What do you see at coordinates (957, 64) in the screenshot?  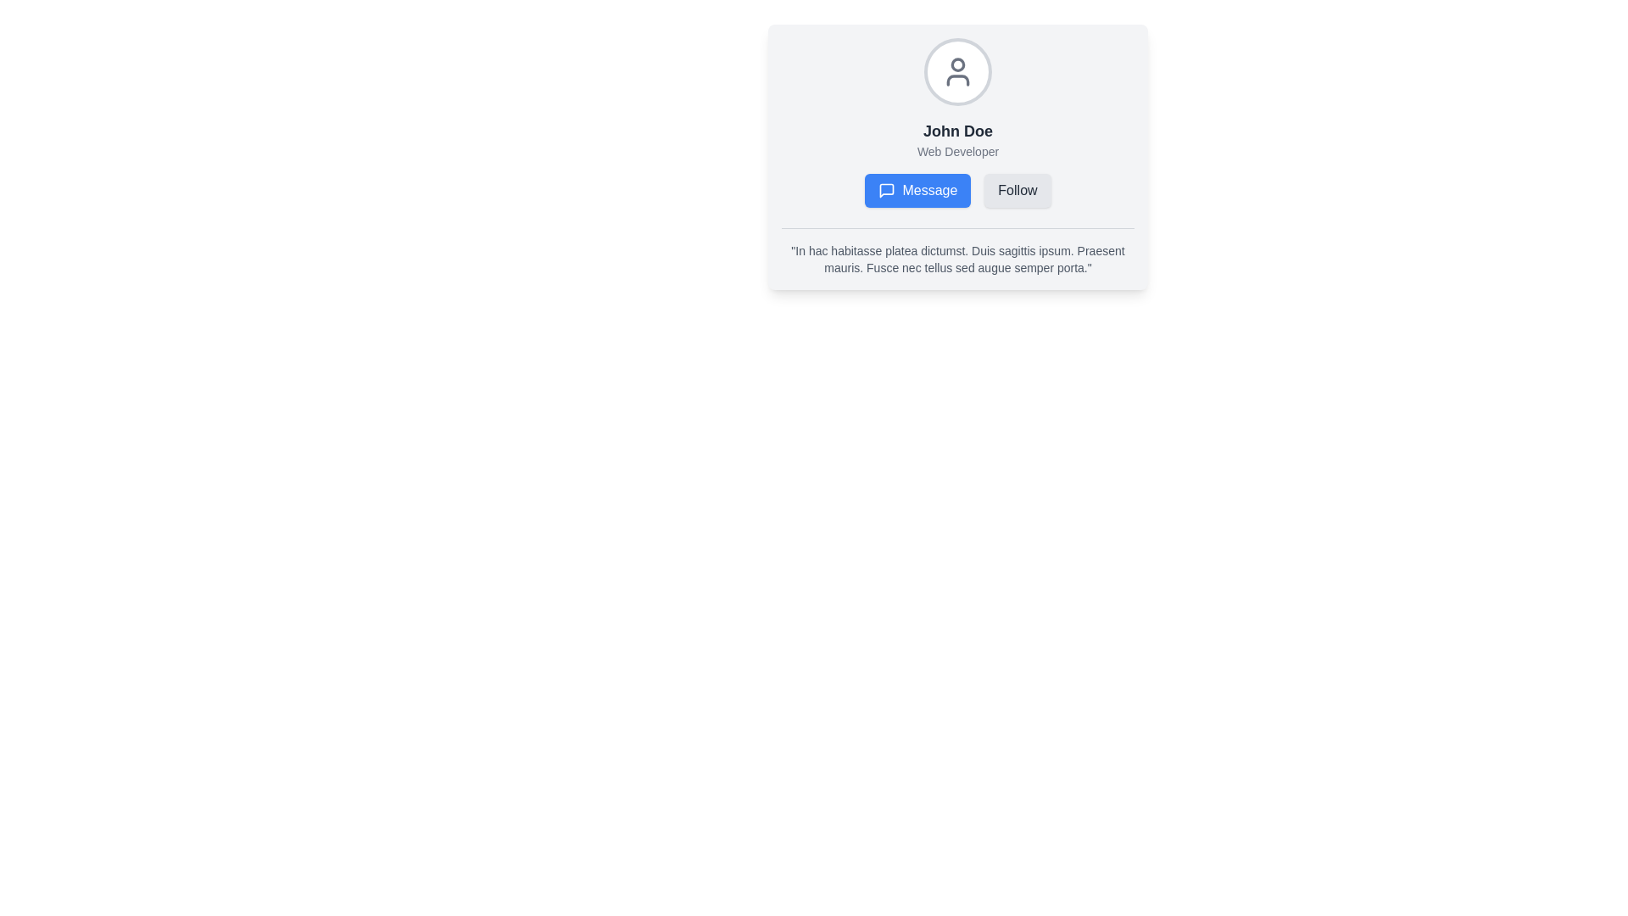 I see `the circular graphical element representing the head of a user icon, which is located at the top center of the profile card` at bounding box center [957, 64].